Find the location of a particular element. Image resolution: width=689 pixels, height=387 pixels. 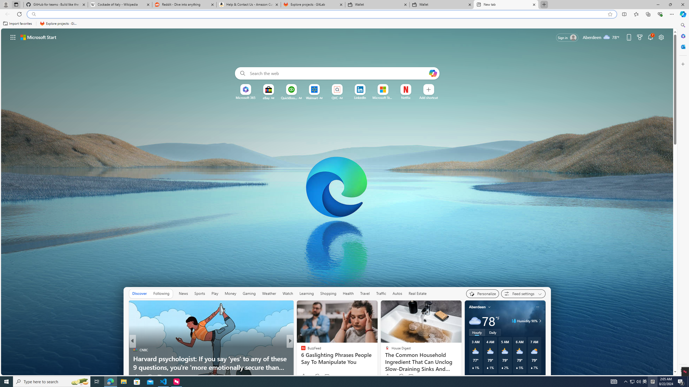

'3k Like' is located at coordinates (303, 377).